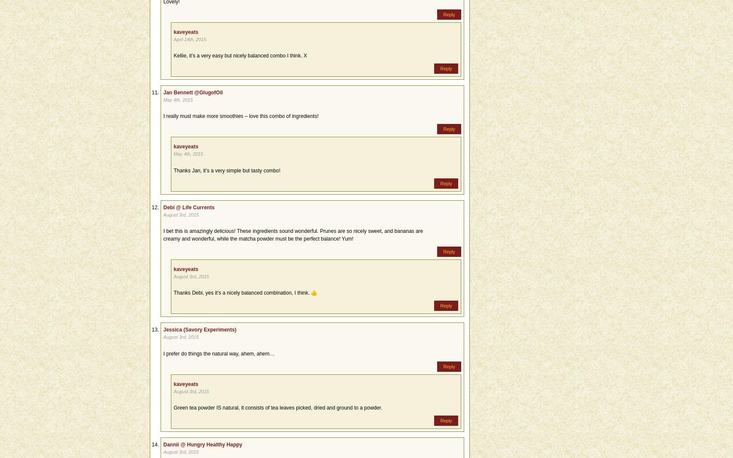 The image size is (733, 458). I want to click on 'I bet this is amazingly delicious! These ingredients sound wonderful. Prunes are so nicely sweet, and bananas are creamy and wonderful, while the matcha powder must be the perfect balance! Yum!', so click(293, 234).